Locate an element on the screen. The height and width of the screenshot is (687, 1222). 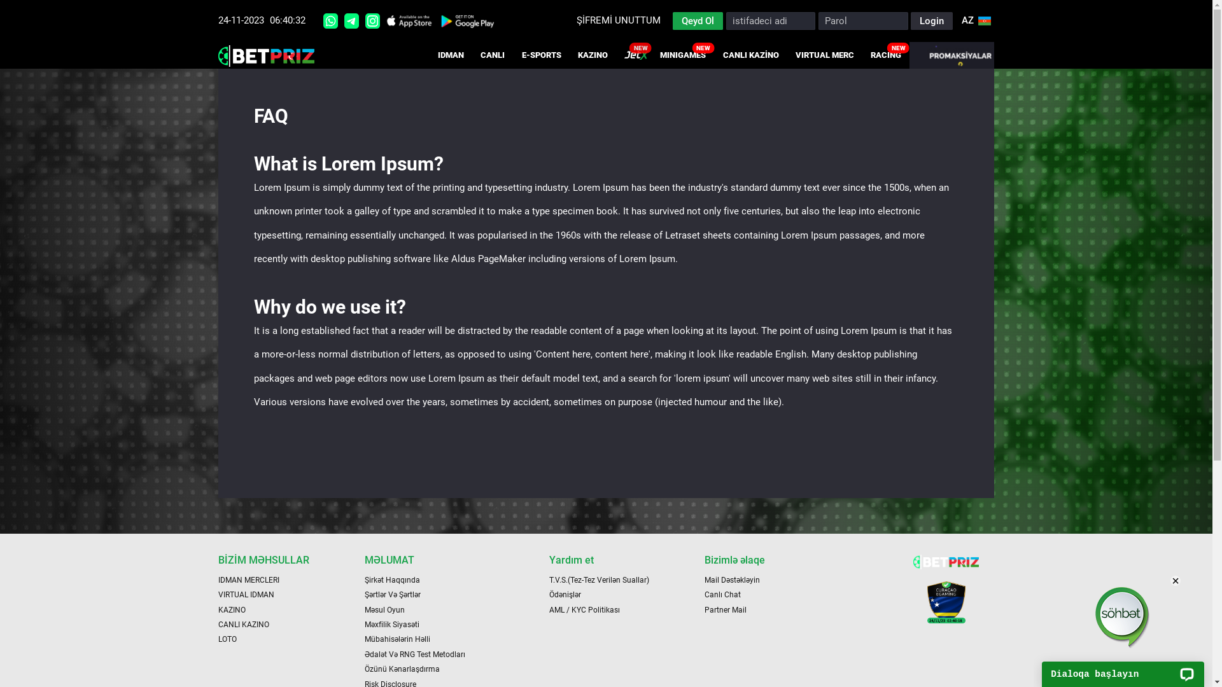
'LOTO' is located at coordinates (227, 639).